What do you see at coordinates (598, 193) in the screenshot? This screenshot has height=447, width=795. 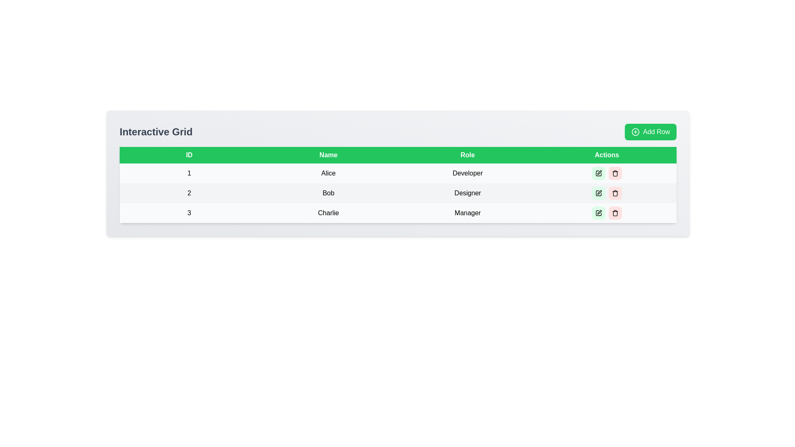 I see `the green rounded button with a pen icon, located in the 'Actions' column of the second row` at bounding box center [598, 193].